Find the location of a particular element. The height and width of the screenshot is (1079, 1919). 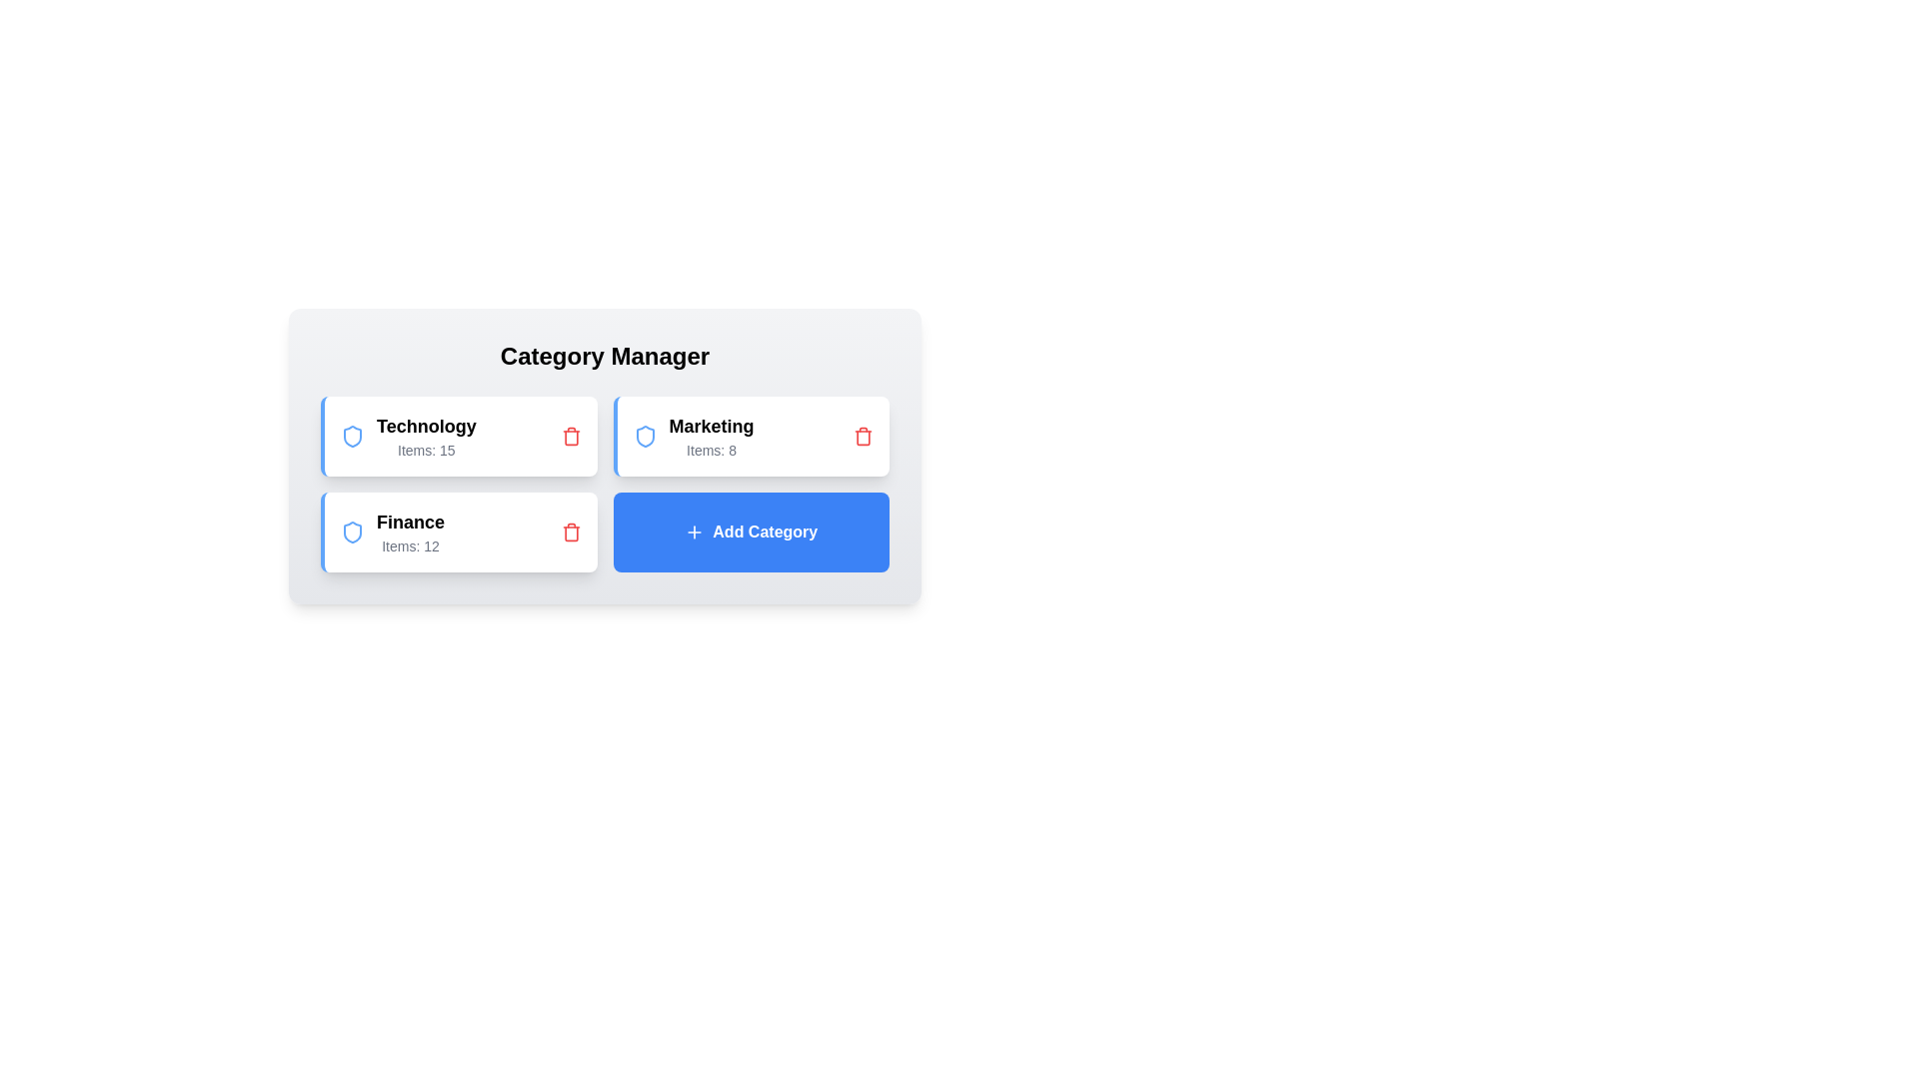

the category by clicking the trash icon for Marketing is located at coordinates (864, 435).